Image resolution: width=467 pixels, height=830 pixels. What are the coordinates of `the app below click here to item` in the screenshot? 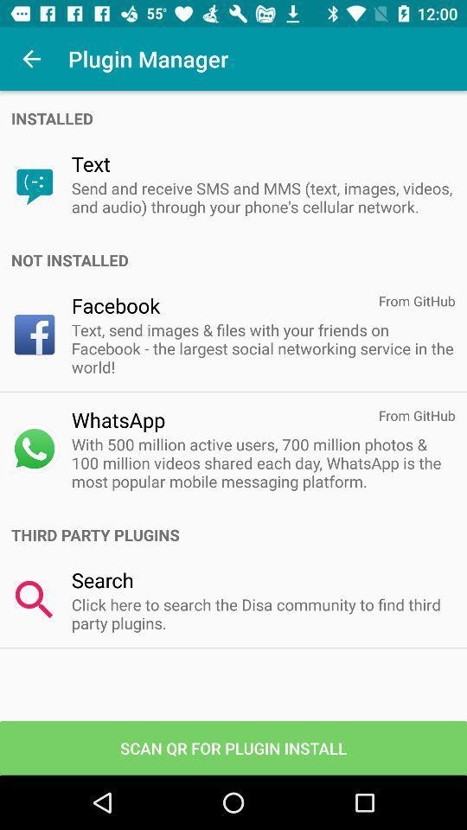 It's located at (233, 747).